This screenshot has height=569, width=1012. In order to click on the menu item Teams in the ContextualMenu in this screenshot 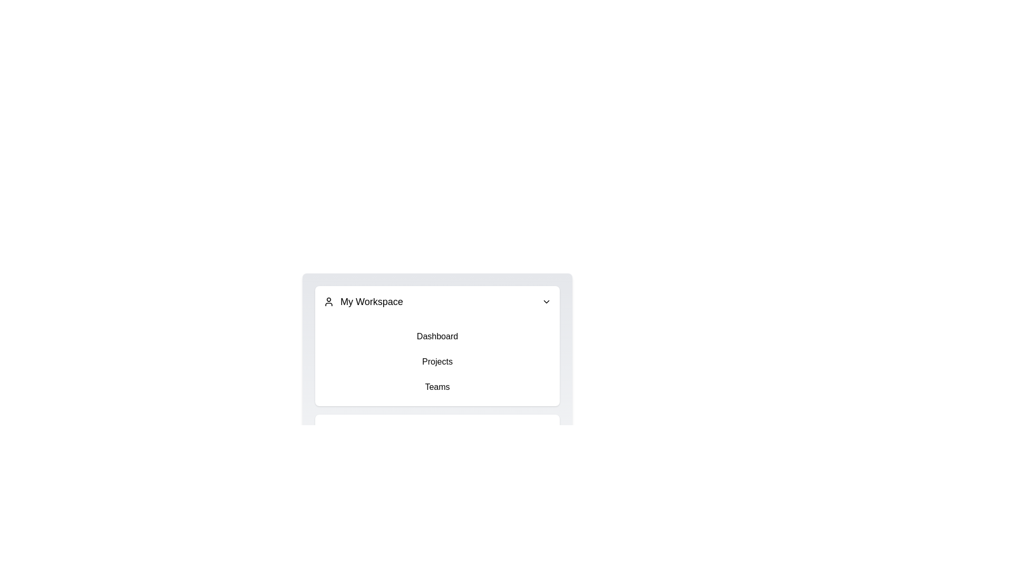, I will do `click(437, 387)`.